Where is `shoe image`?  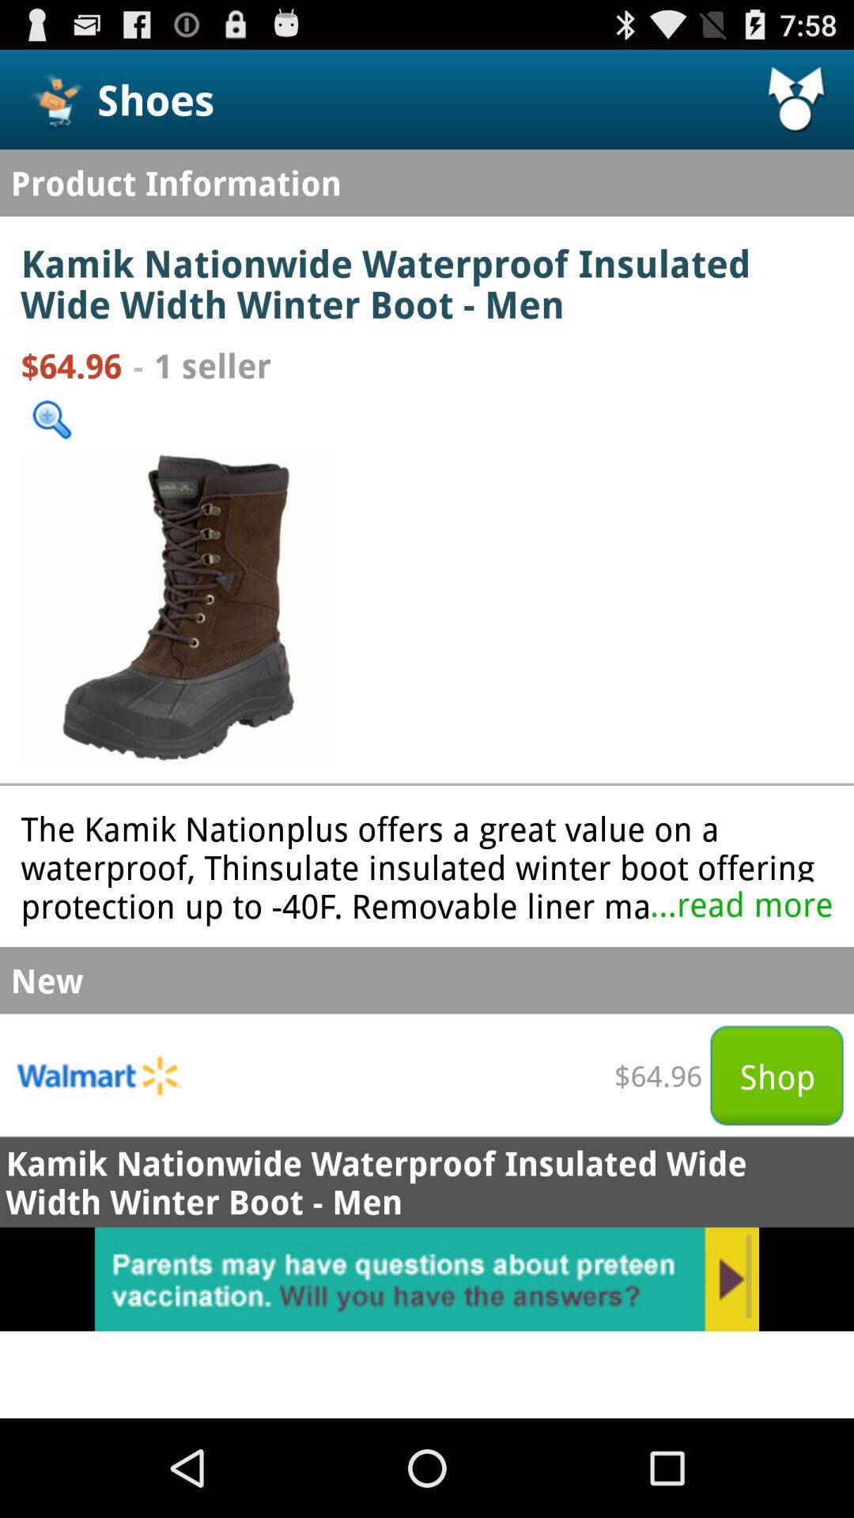
shoe image is located at coordinates (176, 606).